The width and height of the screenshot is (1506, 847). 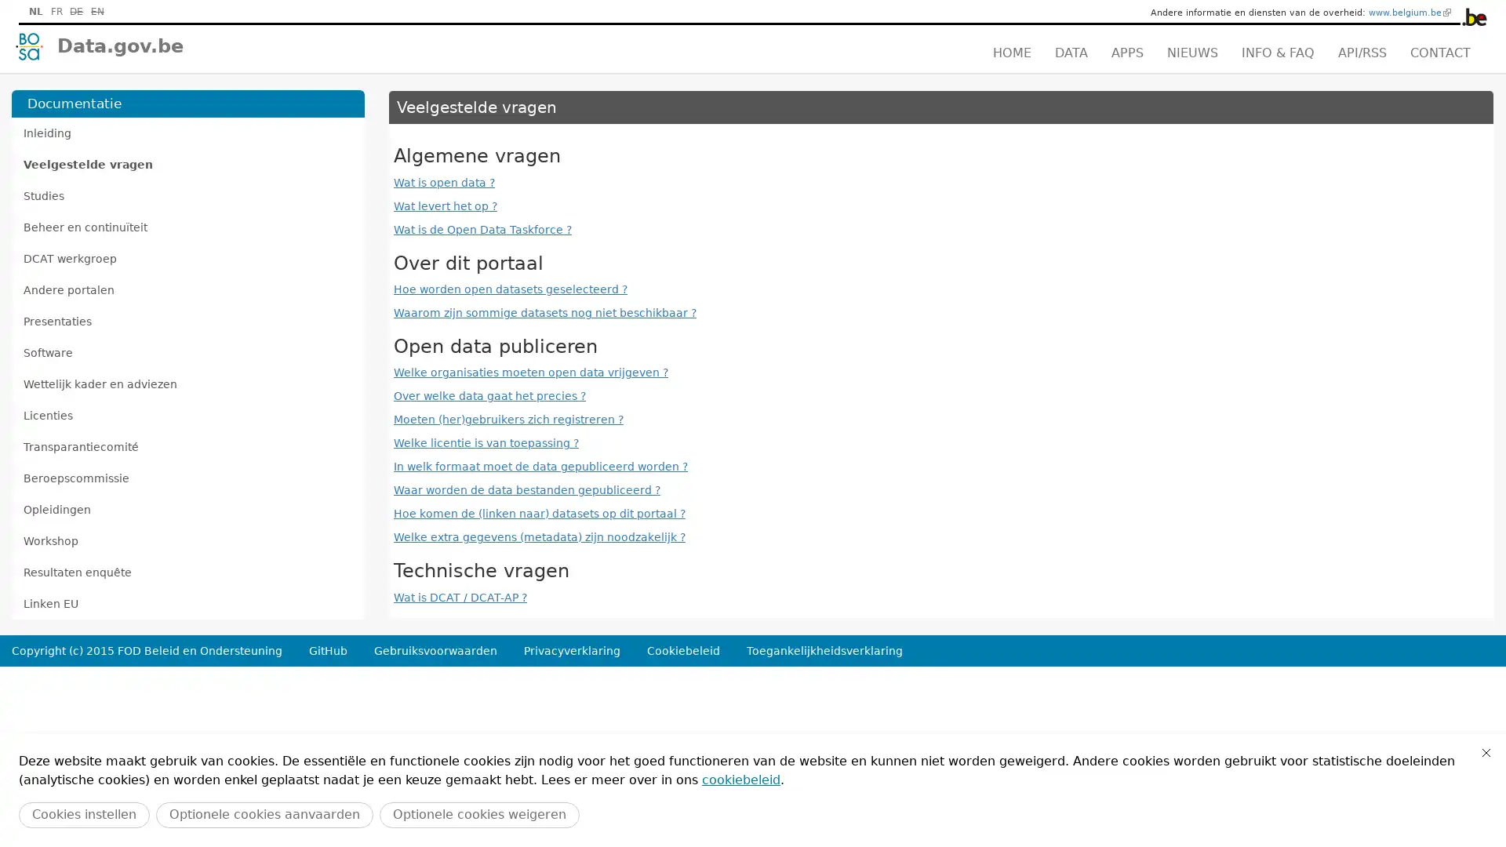 I want to click on Cookies instellen, so click(x=83, y=814).